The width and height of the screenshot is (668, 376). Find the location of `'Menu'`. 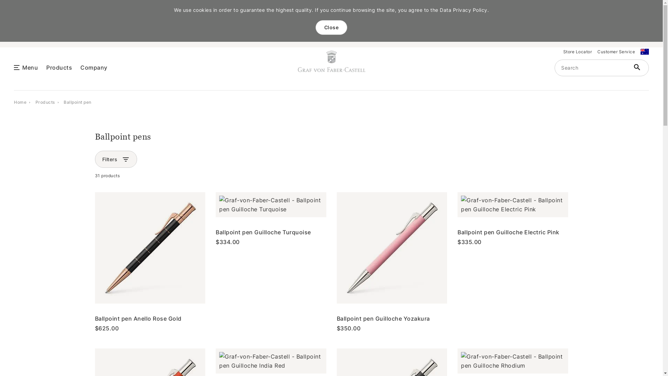

'Menu' is located at coordinates (30, 67).